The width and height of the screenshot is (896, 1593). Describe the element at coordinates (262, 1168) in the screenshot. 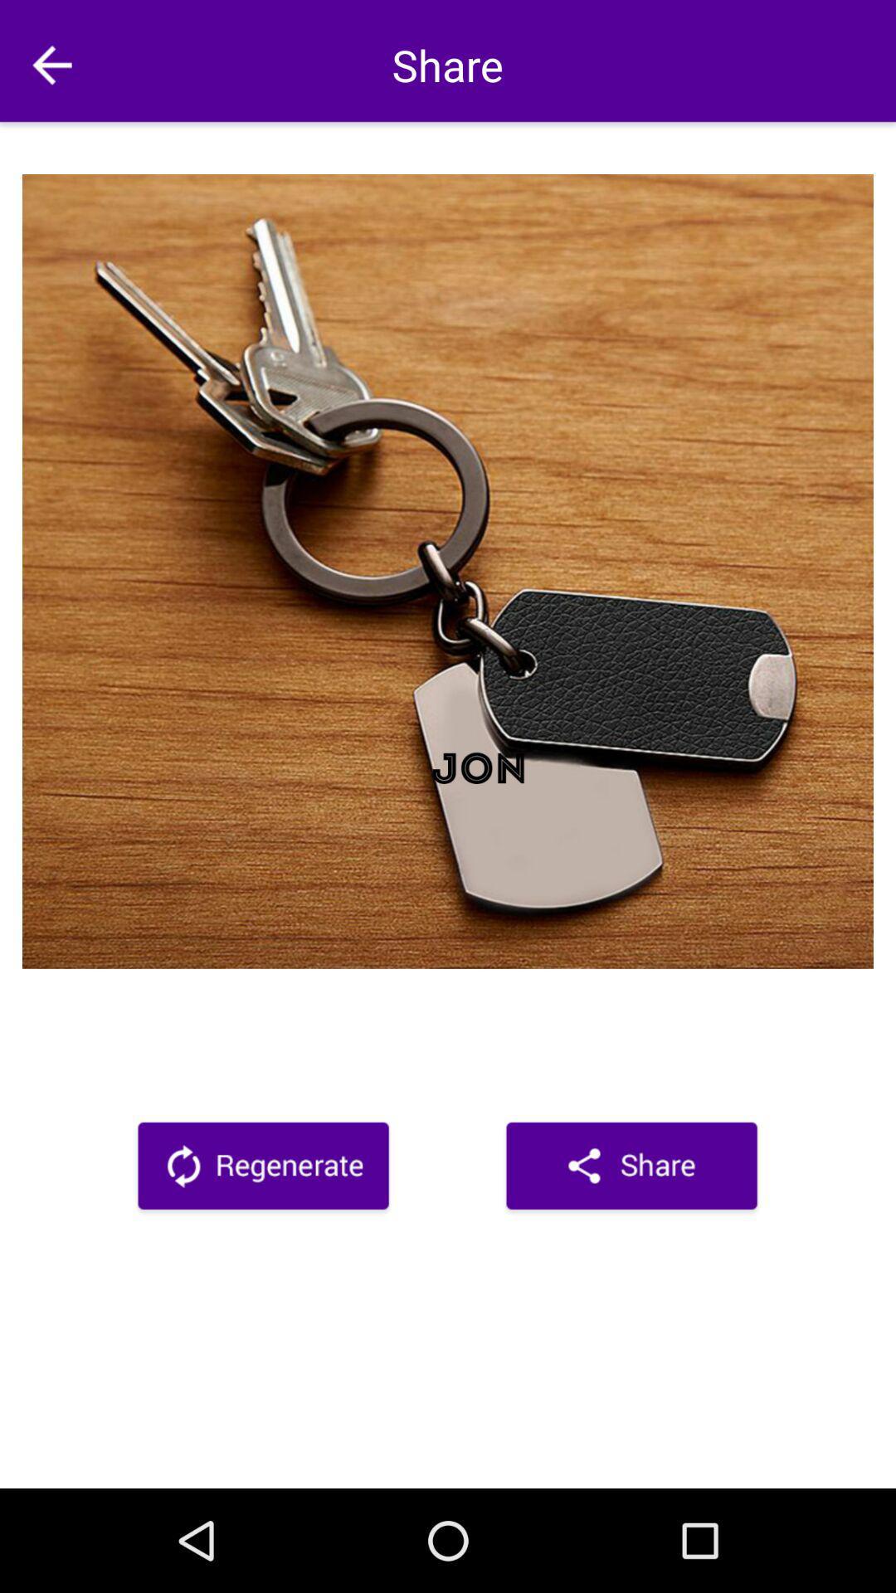

I see `refresh picture` at that location.